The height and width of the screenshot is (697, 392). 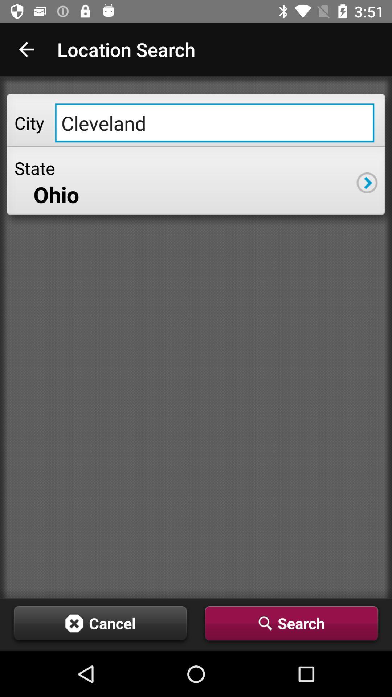 I want to click on the item above the city, so click(x=26, y=49).